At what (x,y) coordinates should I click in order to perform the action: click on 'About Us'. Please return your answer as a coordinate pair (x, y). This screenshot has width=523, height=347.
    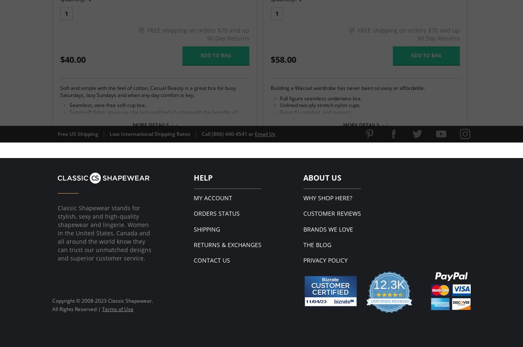
    Looking at the image, I should click on (322, 177).